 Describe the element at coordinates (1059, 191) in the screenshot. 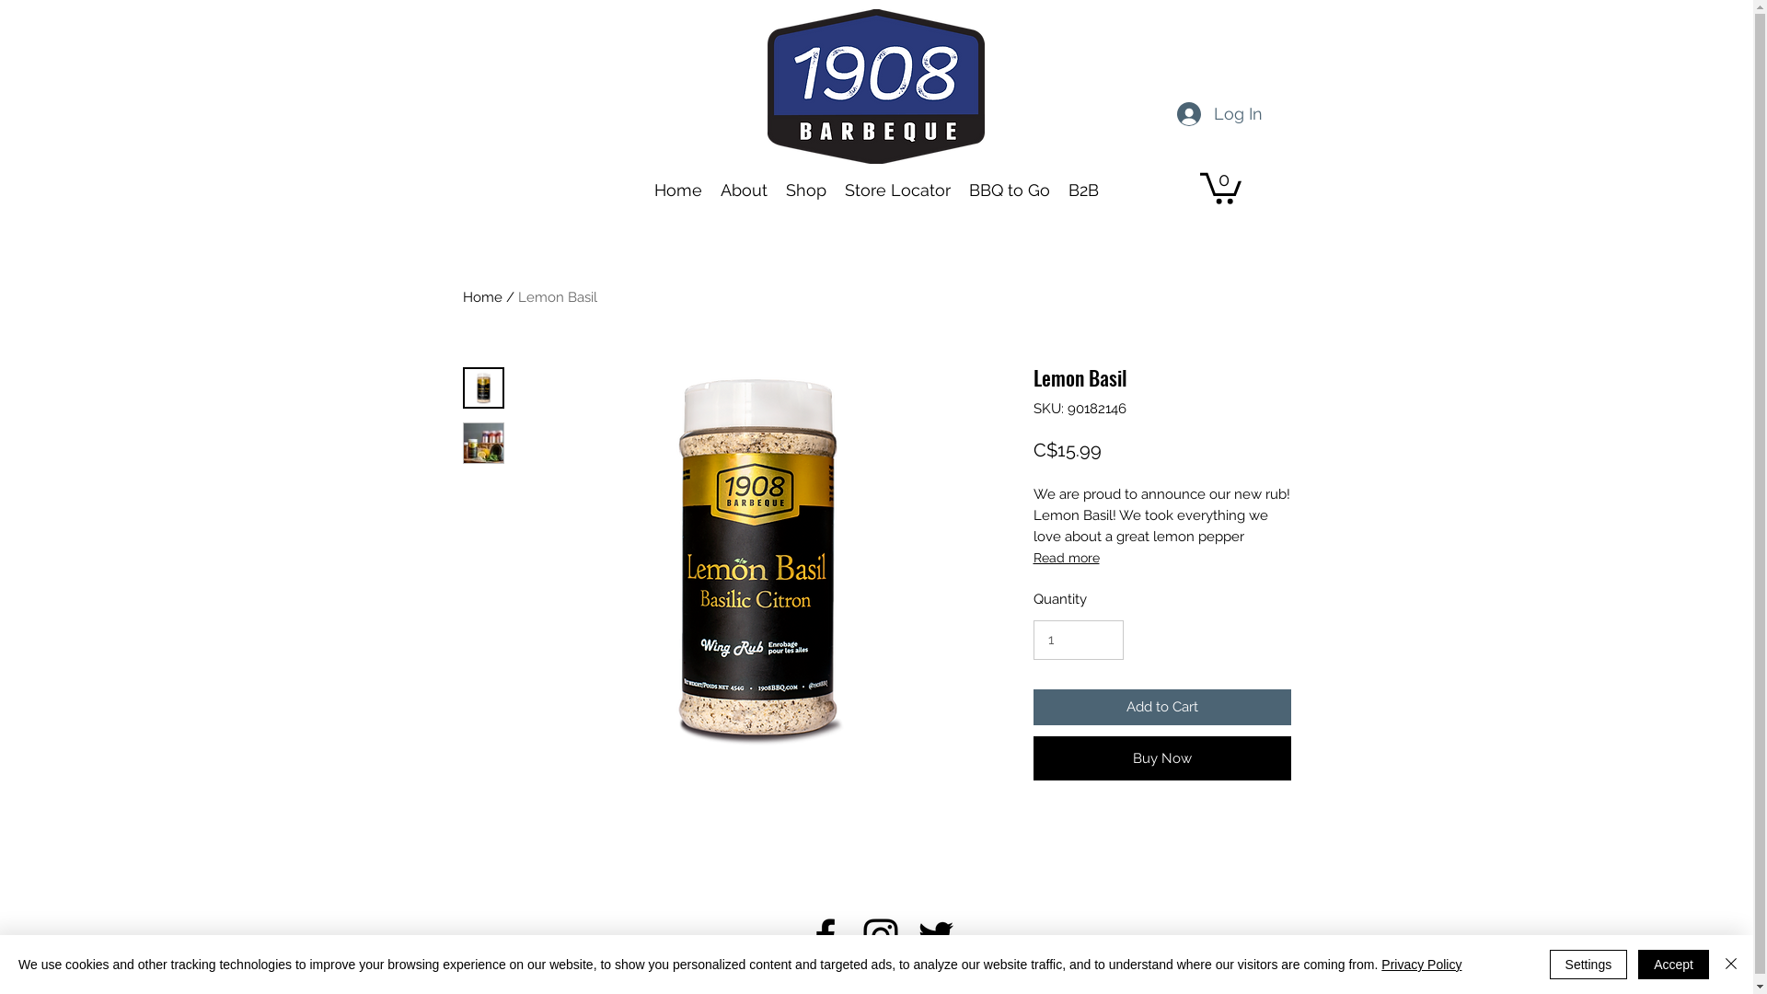

I see `'B2B'` at that location.